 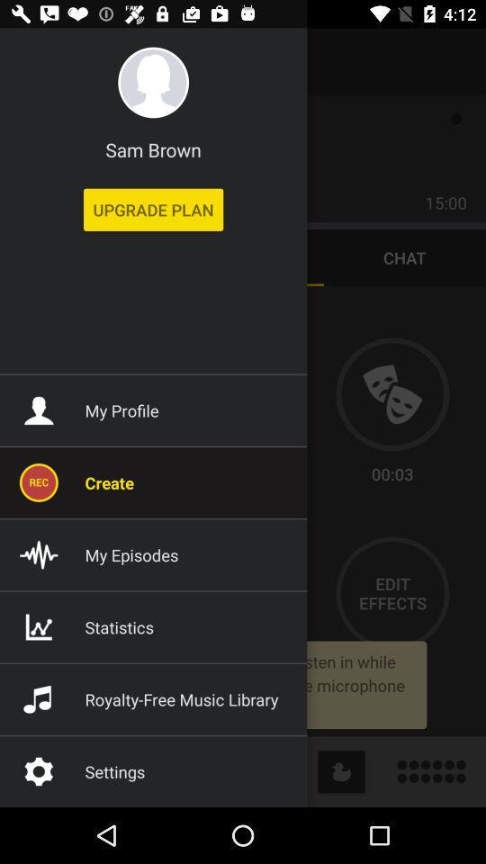 What do you see at coordinates (39, 626) in the screenshot?
I see `the statistics icon` at bounding box center [39, 626].